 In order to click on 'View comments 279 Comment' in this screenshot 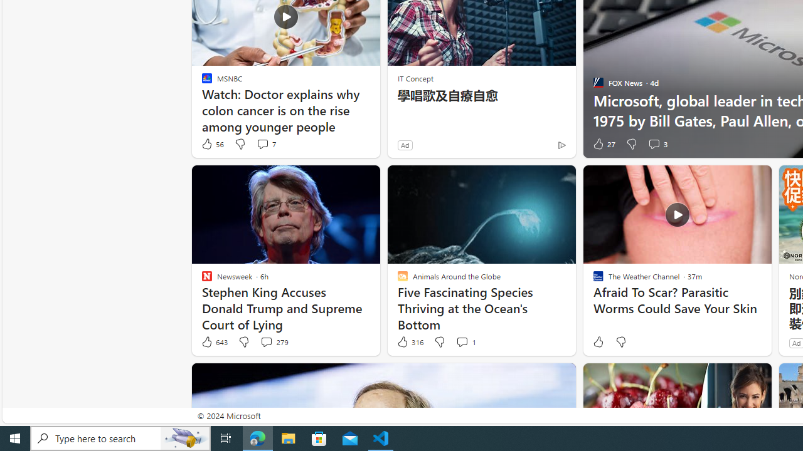, I will do `click(265, 341)`.